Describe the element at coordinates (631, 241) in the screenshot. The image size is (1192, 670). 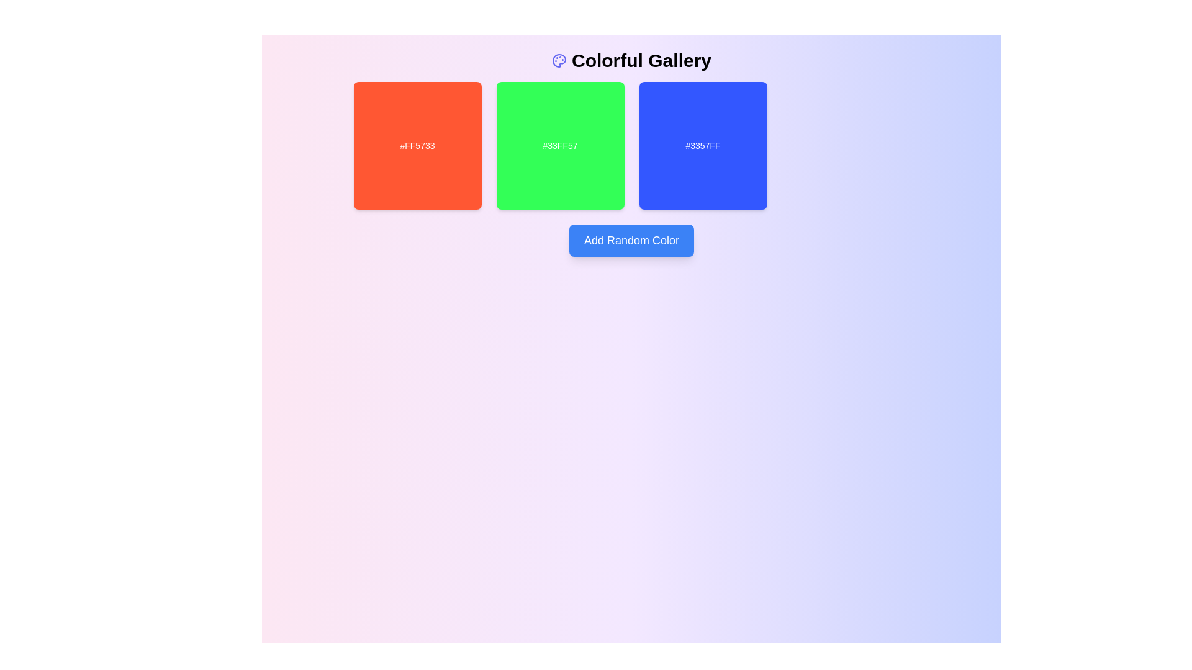
I see `the rectangular button with a blue background and white text 'Add Random Color' to change its appearance` at that location.